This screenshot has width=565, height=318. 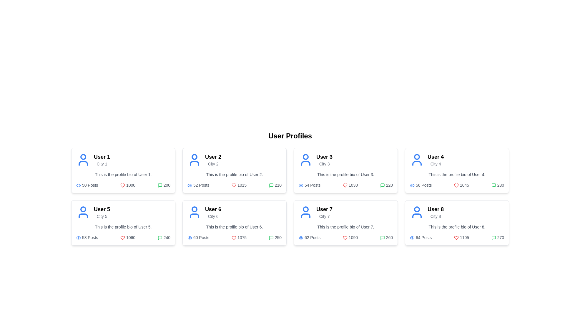 What do you see at coordinates (416, 163) in the screenshot?
I see `SVG attributes of the blue stroke outline that forms the lower part of the abstract human figure in the top-right corner of the fourth profile card in the second row of the 'User Profiles' grid layout` at bounding box center [416, 163].